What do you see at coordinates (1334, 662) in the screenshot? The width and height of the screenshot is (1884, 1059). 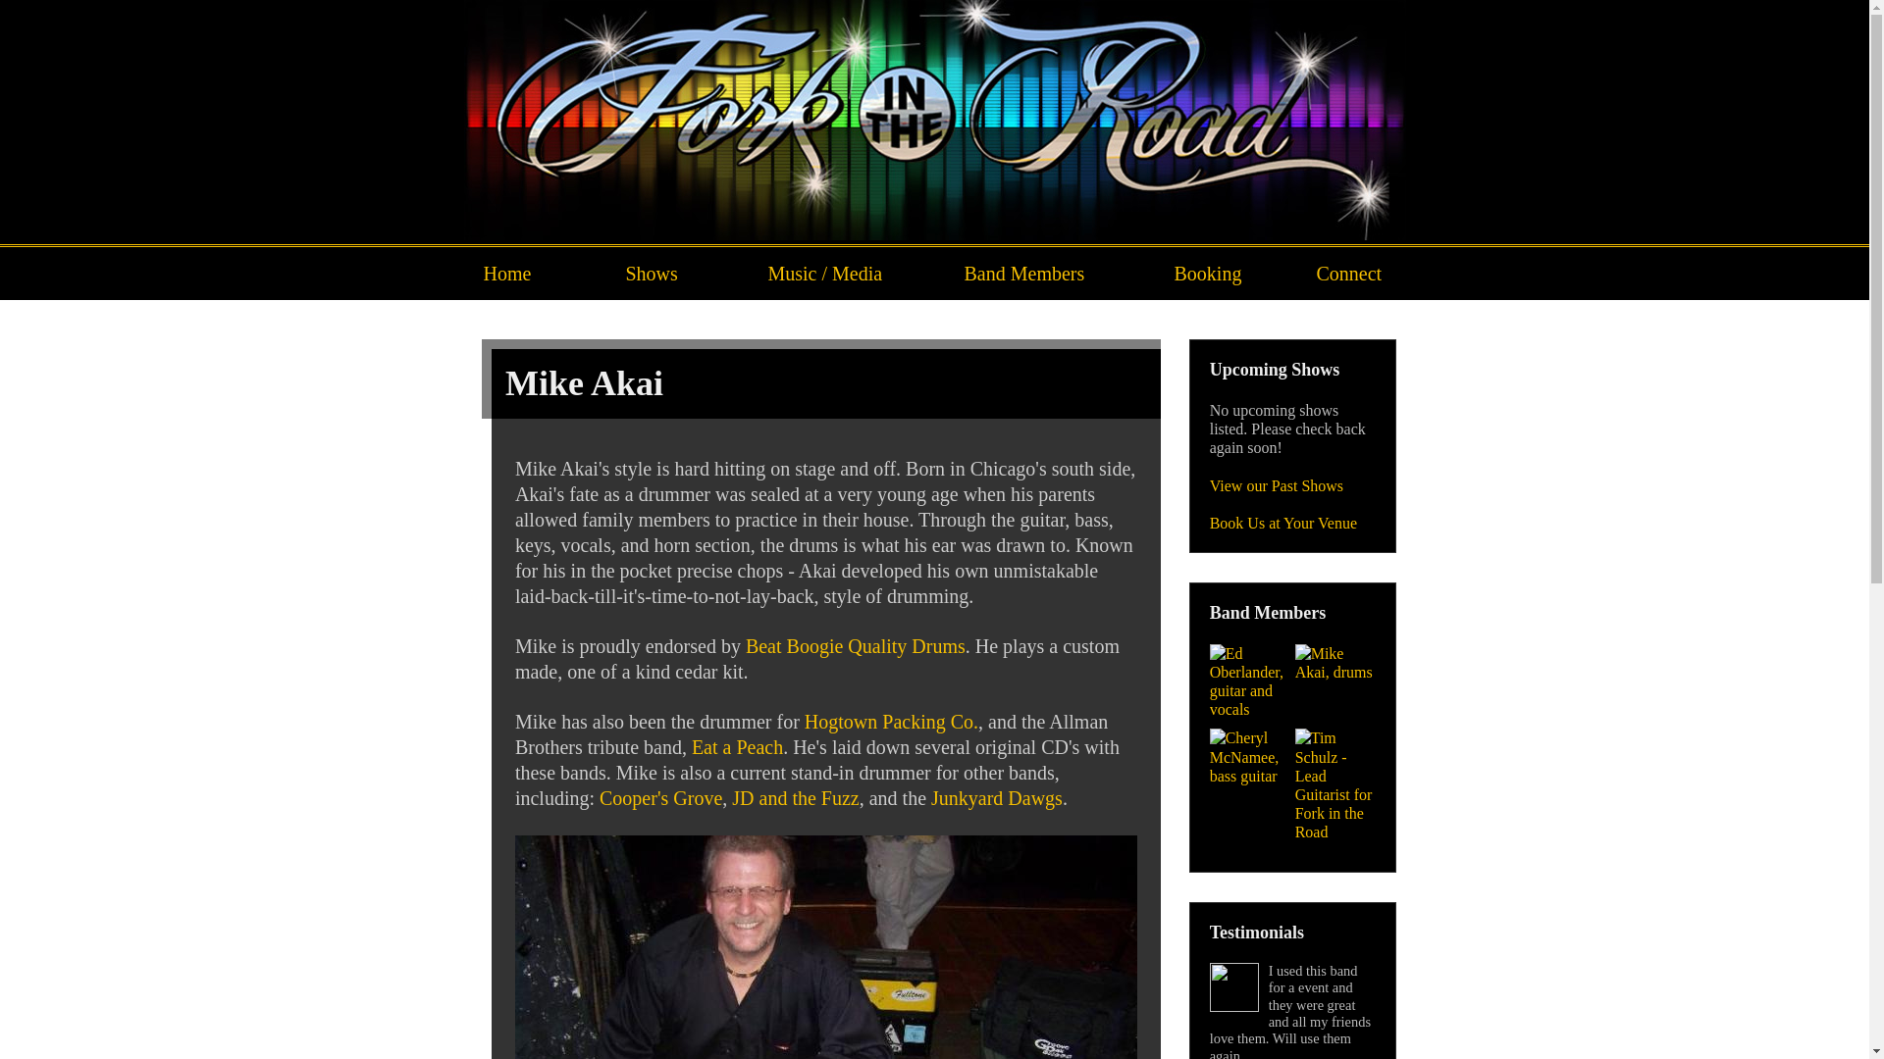 I see `'Mike Akai, drums'` at bounding box center [1334, 662].